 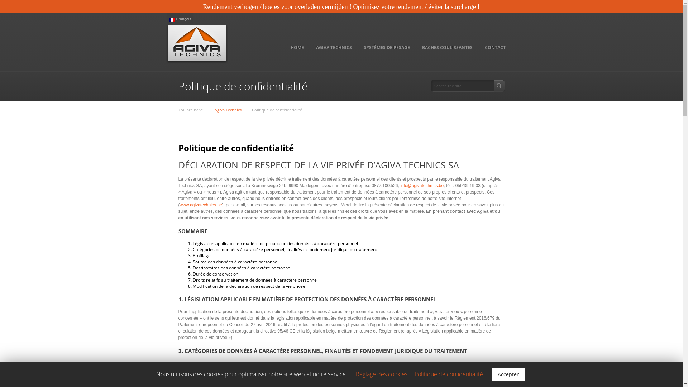 What do you see at coordinates (422, 185) in the screenshot?
I see `'info@agivatechnics.be'` at bounding box center [422, 185].